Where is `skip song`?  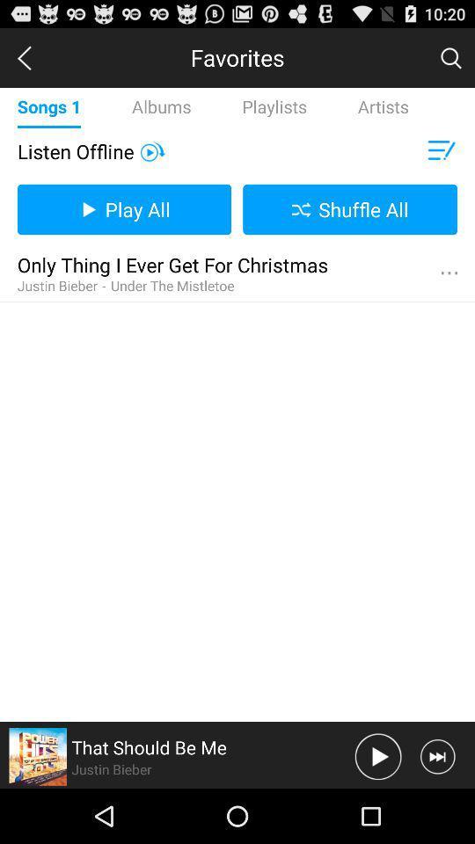 skip song is located at coordinates (436, 755).